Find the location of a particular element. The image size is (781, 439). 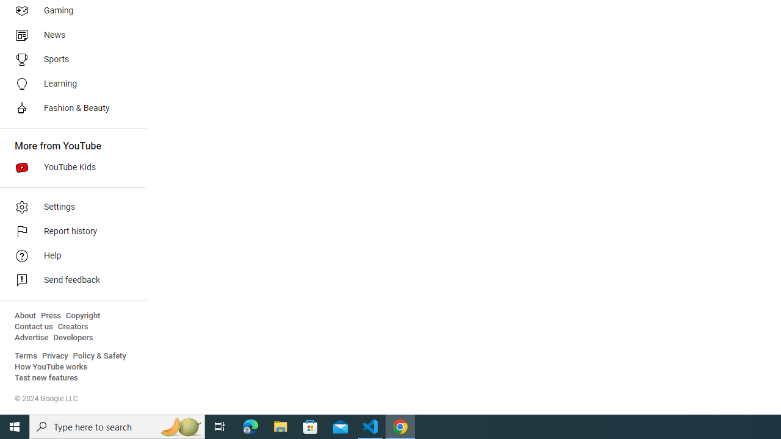

'Press' is located at coordinates (50, 315).